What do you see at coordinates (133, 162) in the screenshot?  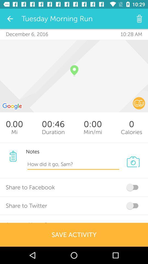 I see `the photo icon` at bounding box center [133, 162].